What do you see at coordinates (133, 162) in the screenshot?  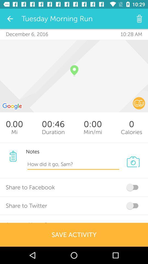 I see `the photo icon` at bounding box center [133, 162].